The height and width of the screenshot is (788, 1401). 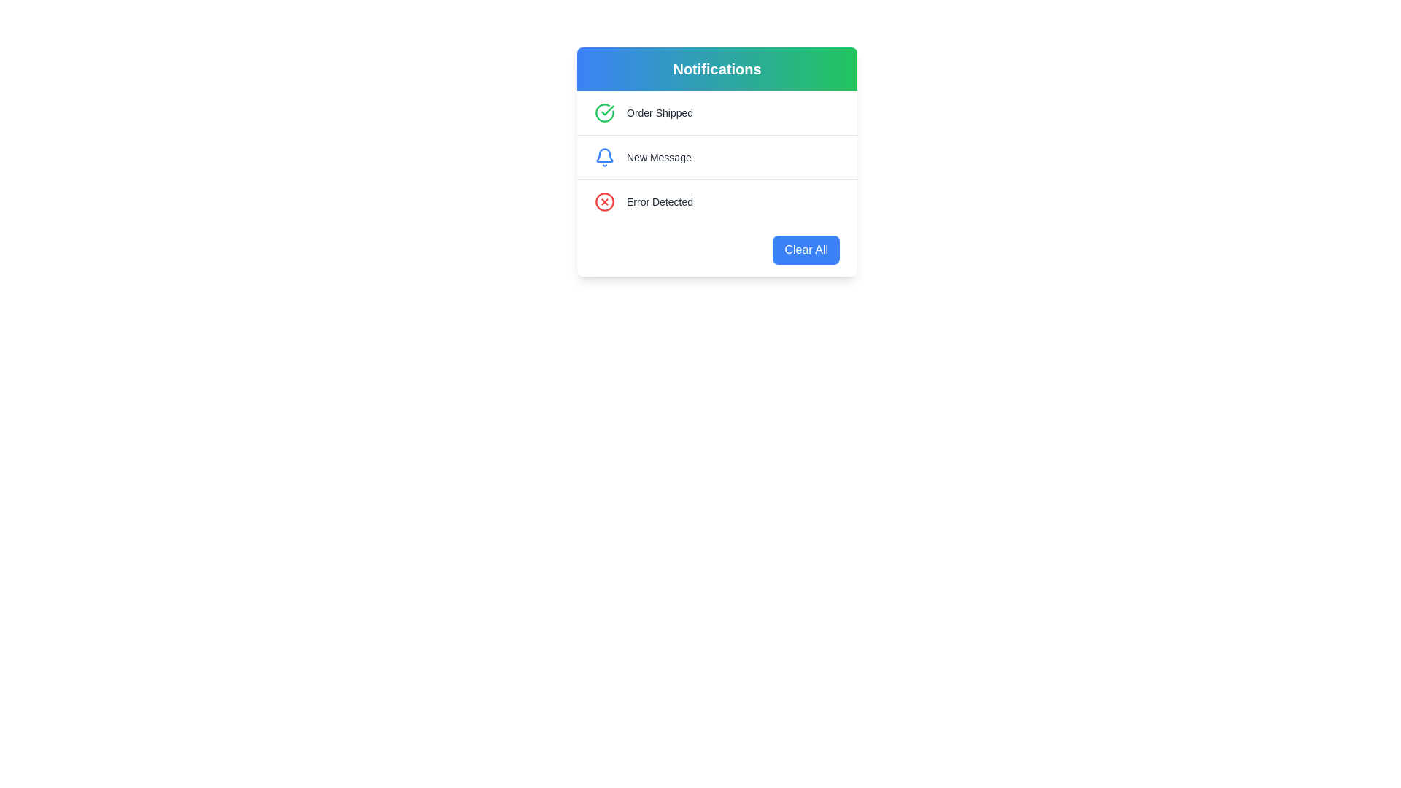 I want to click on the last notification entry indicating an error has been detected, located just above the 'Clear All' button, so click(x=717, y=201).